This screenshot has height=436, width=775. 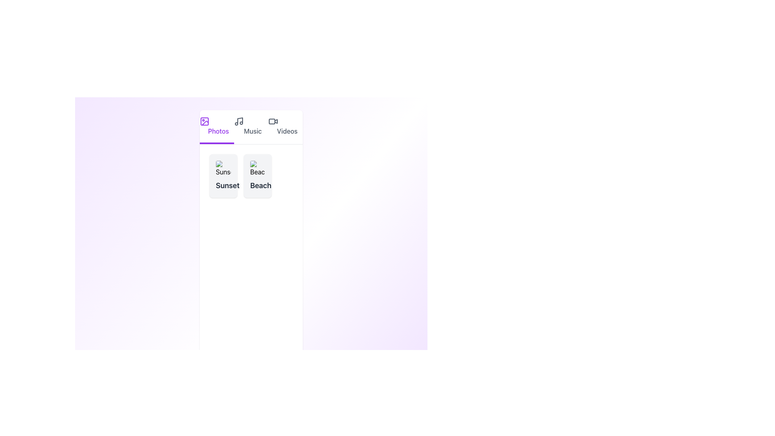 I want to click on the third tab button labeled 'Videos' with an icon, so click(x=285, y=127).